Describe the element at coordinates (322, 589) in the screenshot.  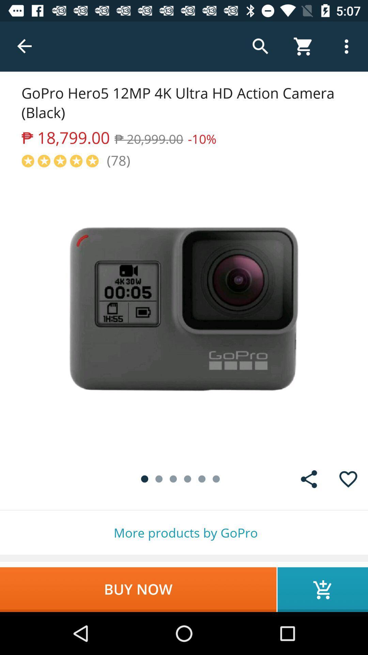
I see `icon next to buy now` at that location.